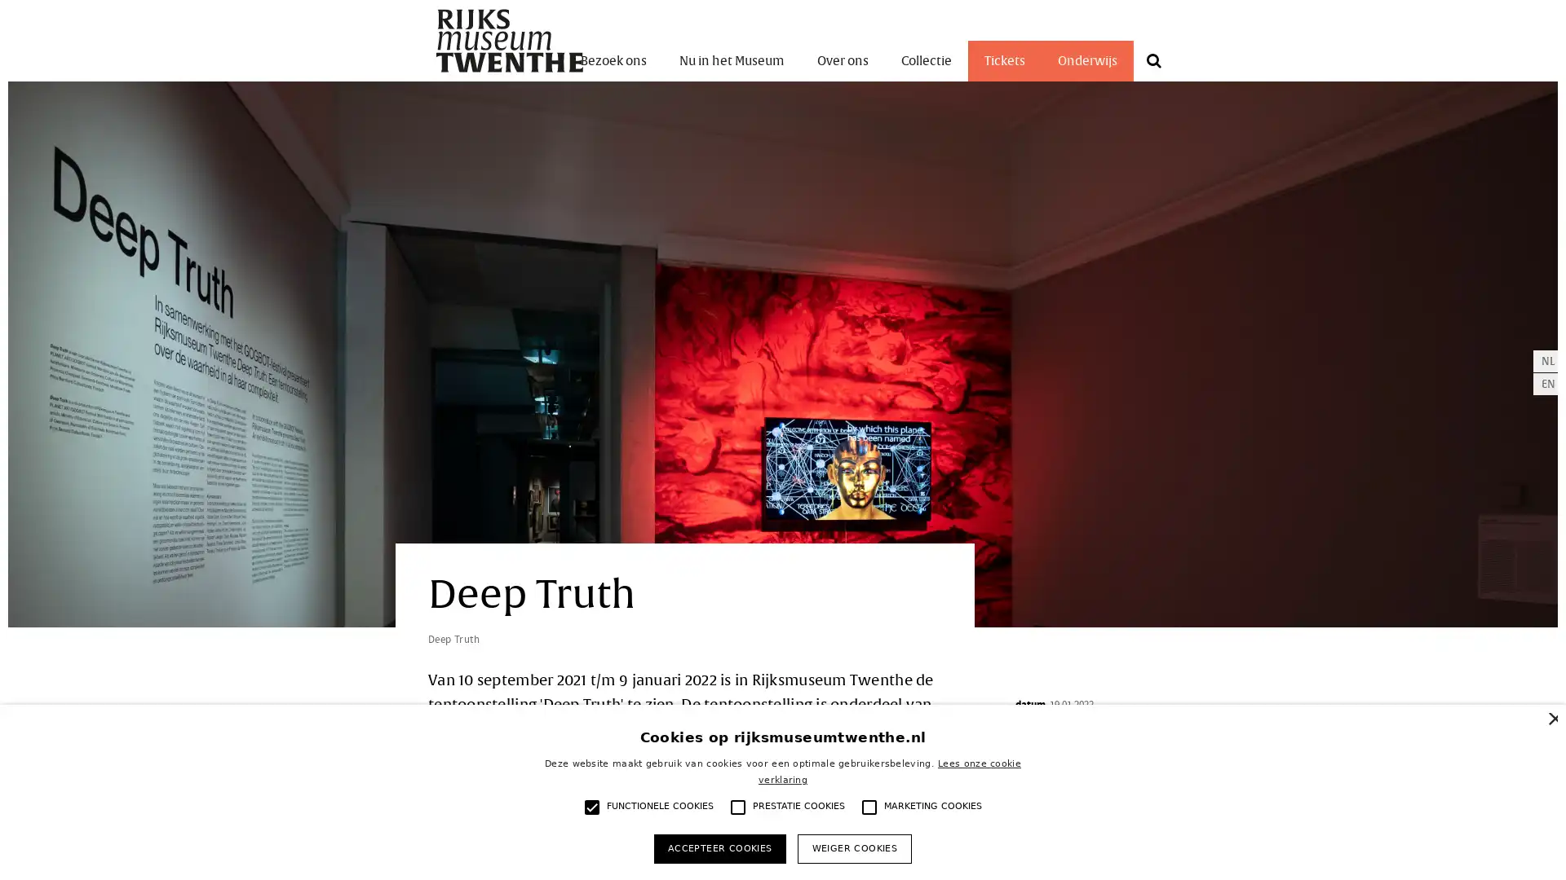  Describe the element at coordinates (719, 847) in the screenshot. I see `ACCEPTEER COOKIES` at that location.